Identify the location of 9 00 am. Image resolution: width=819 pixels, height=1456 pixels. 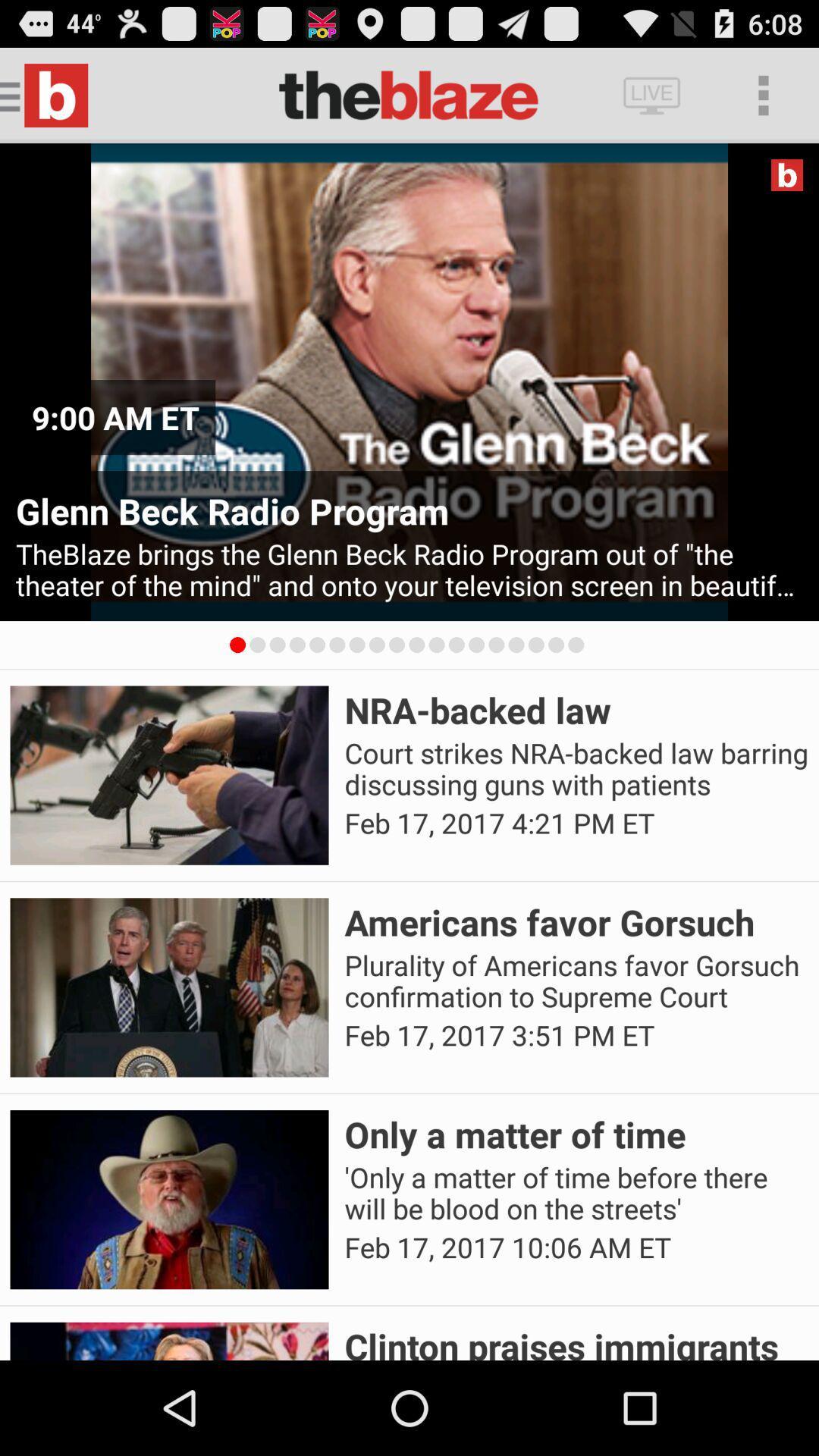
(115, 417).